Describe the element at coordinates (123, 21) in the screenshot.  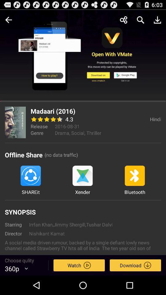
I see `the share icon` at that location.